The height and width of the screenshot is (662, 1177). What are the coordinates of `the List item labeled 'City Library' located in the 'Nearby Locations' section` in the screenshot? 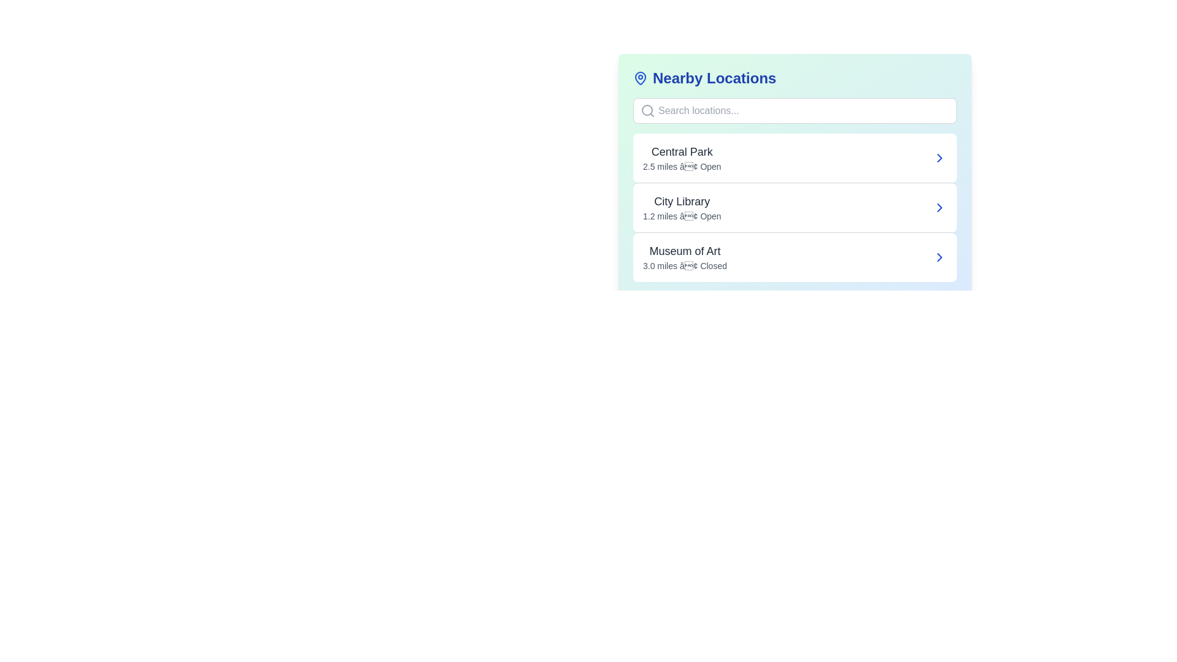 It's located at (794, 207).